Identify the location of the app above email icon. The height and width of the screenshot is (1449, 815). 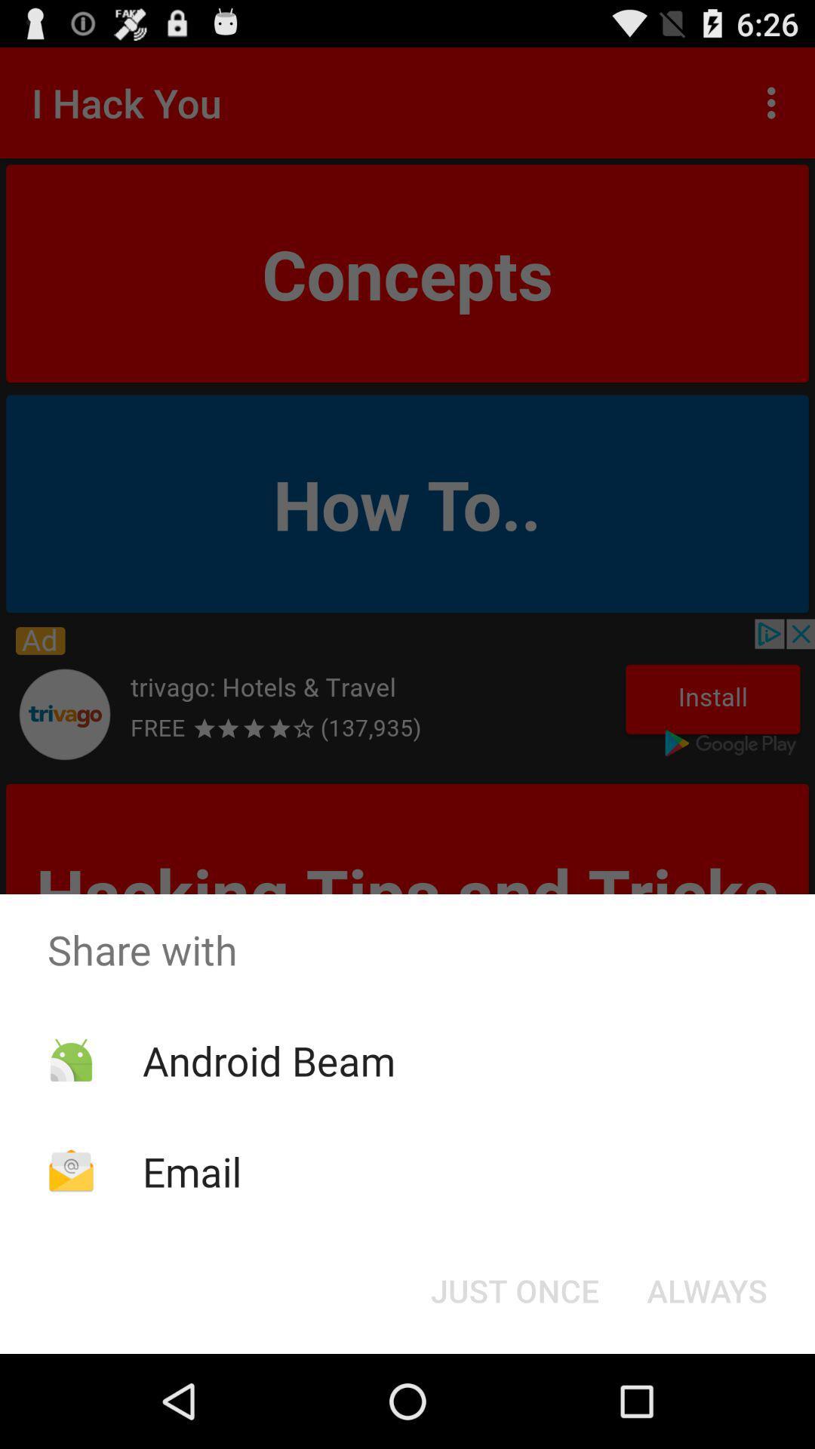
(268, 1060).